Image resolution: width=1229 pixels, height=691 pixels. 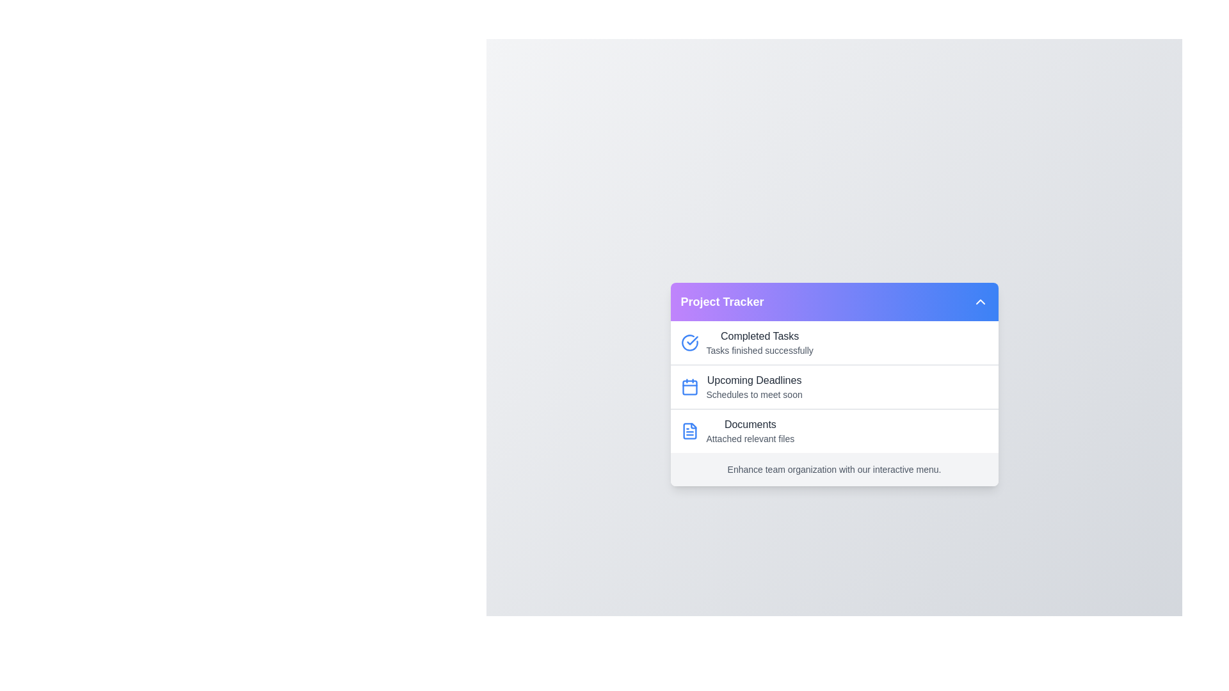 What do you see at coordinates (979, 301) in the screenshot?
I see `the chevron button to toggle the menu open or closed` at bounding box center [979, 301].